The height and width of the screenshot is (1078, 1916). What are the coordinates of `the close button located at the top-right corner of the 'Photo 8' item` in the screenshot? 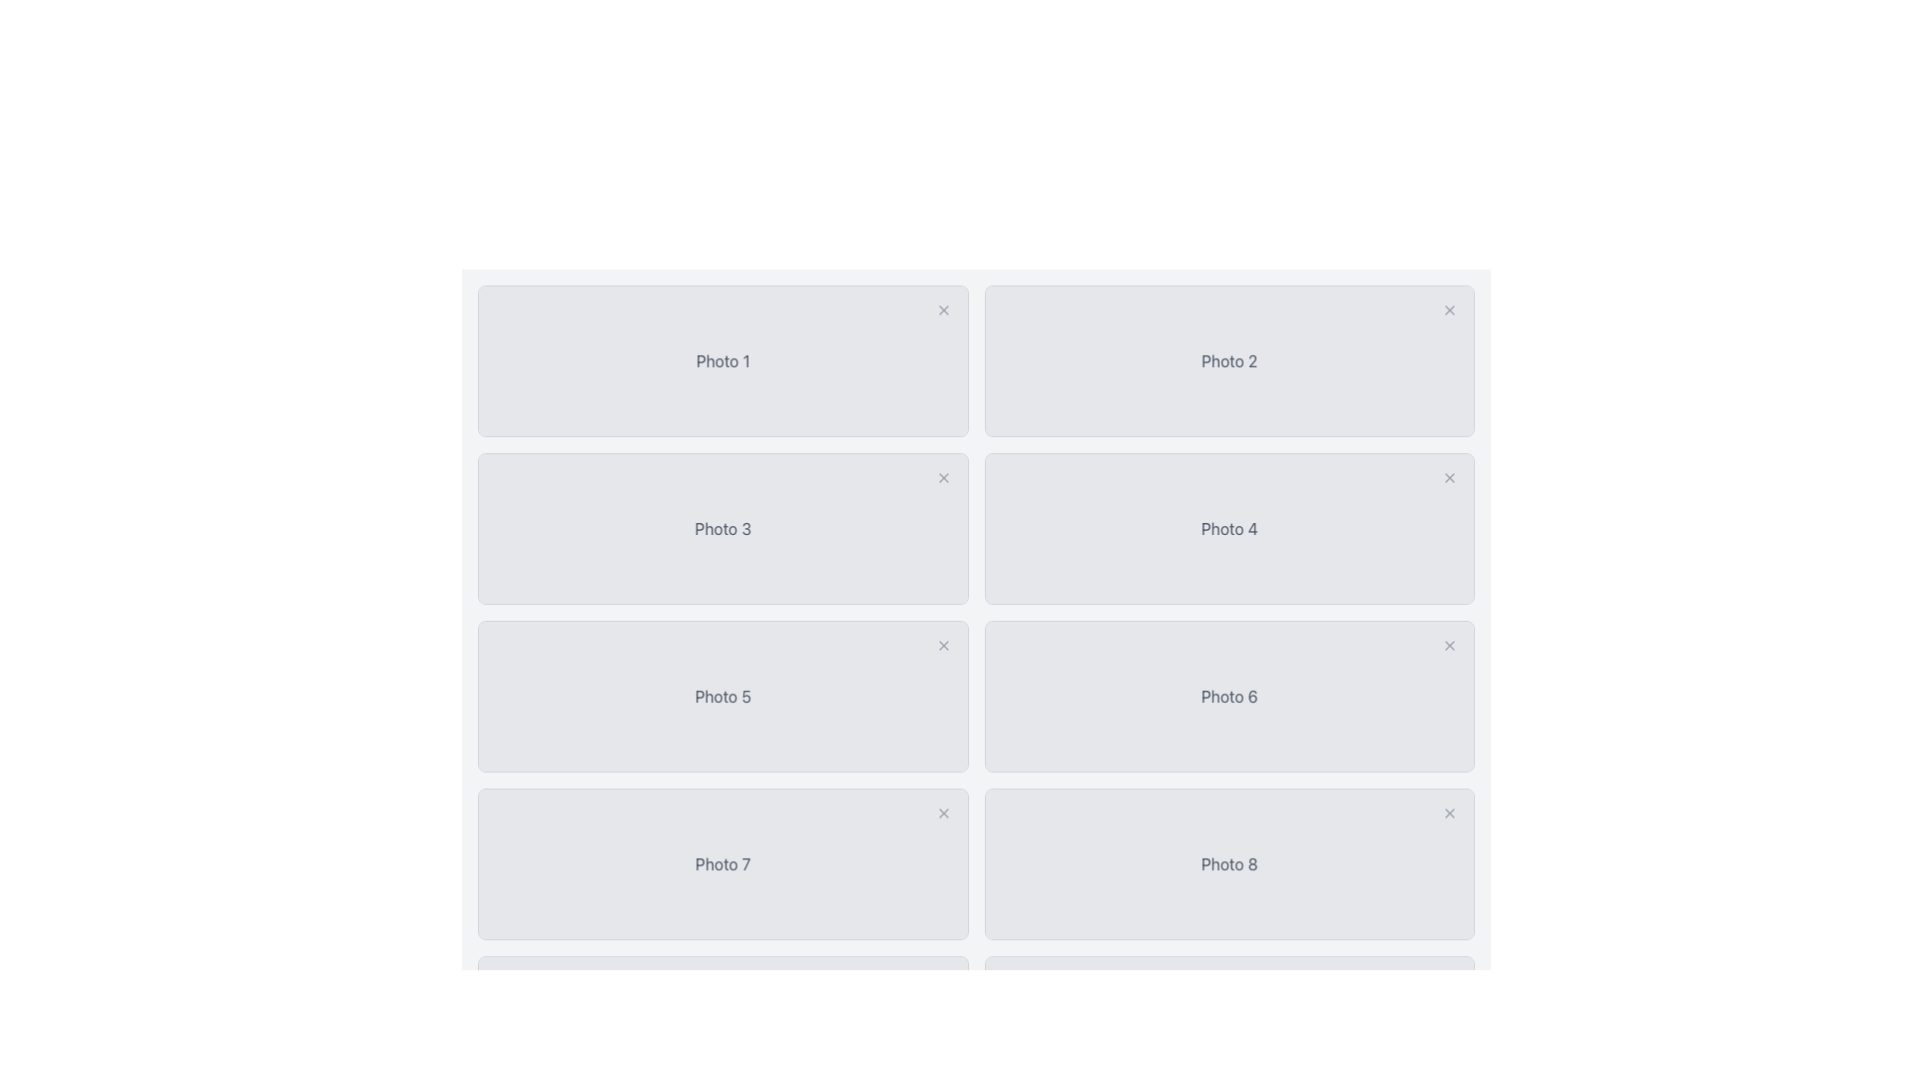 It's located at (1450, 812).